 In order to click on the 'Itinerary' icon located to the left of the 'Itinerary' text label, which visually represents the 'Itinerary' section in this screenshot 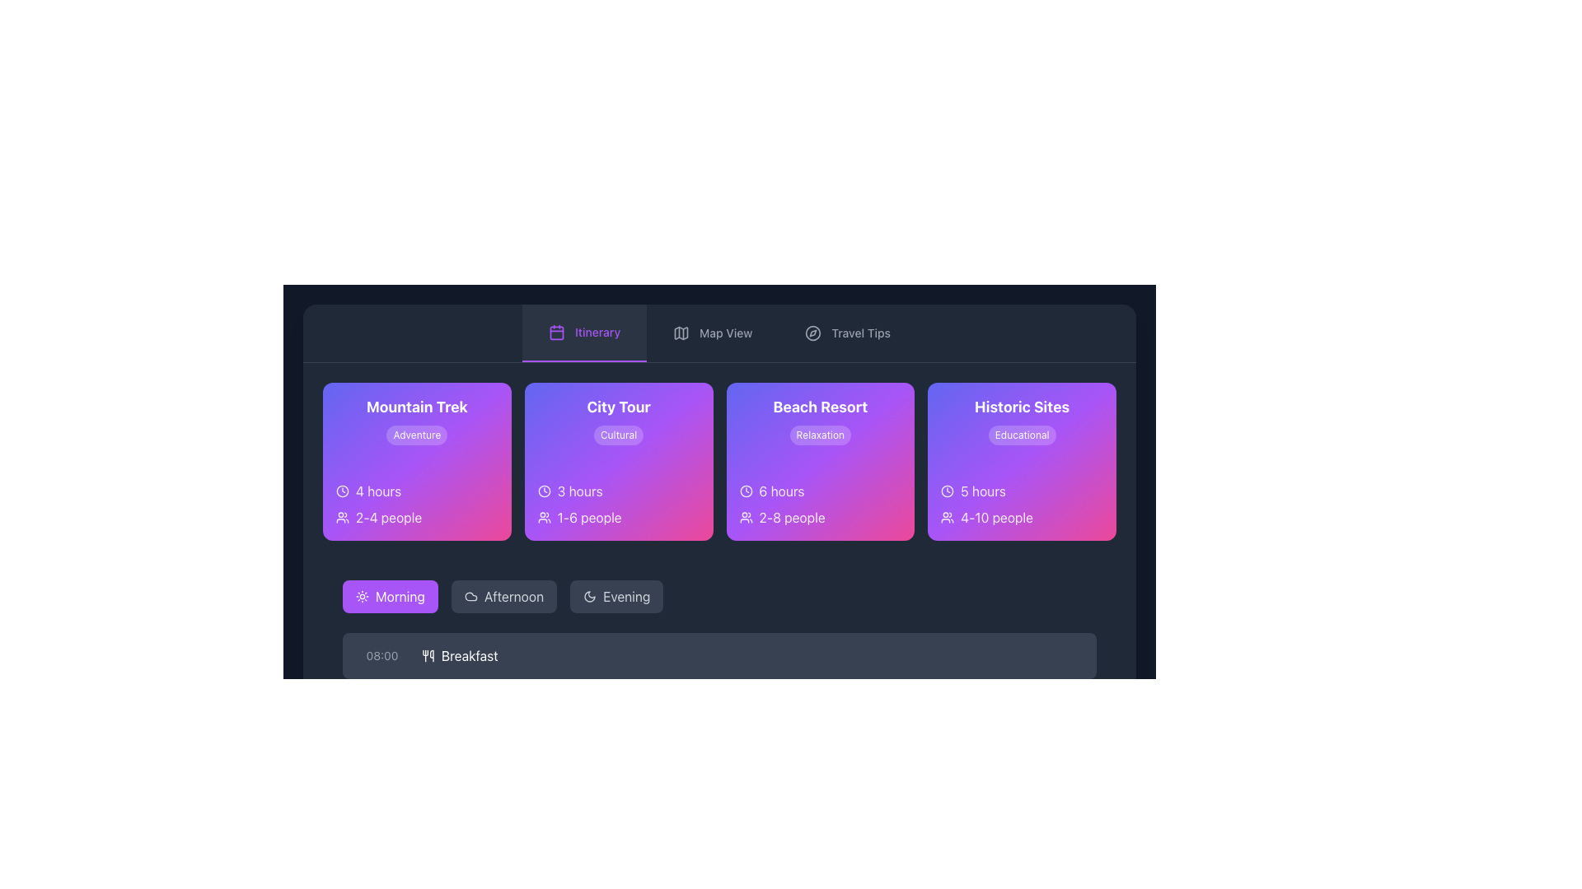, I will do `click(557, 333)`.